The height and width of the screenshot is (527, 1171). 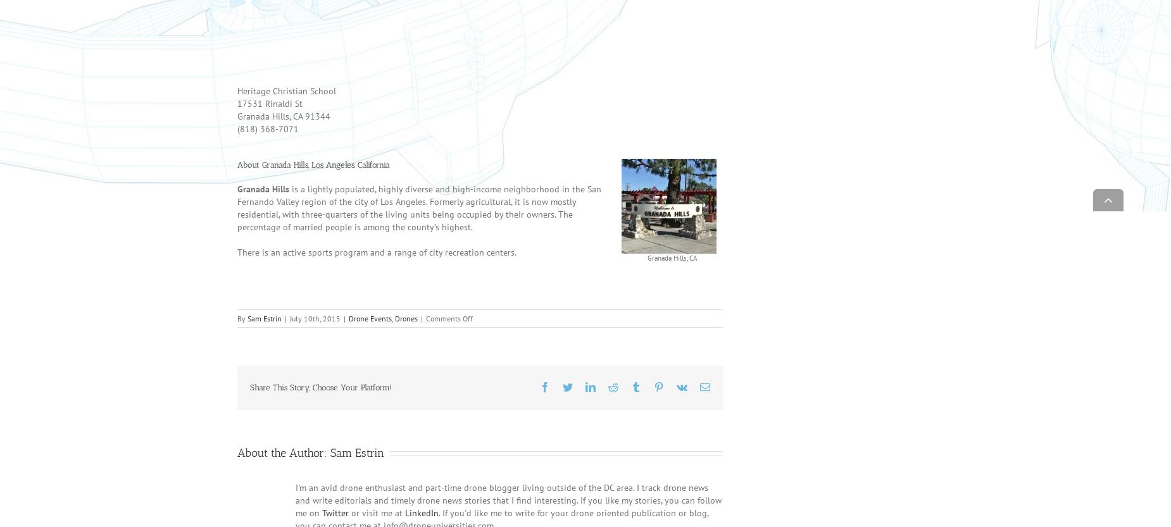 I want to click on 'July 10th, 2015', so click(x=289, y=335).